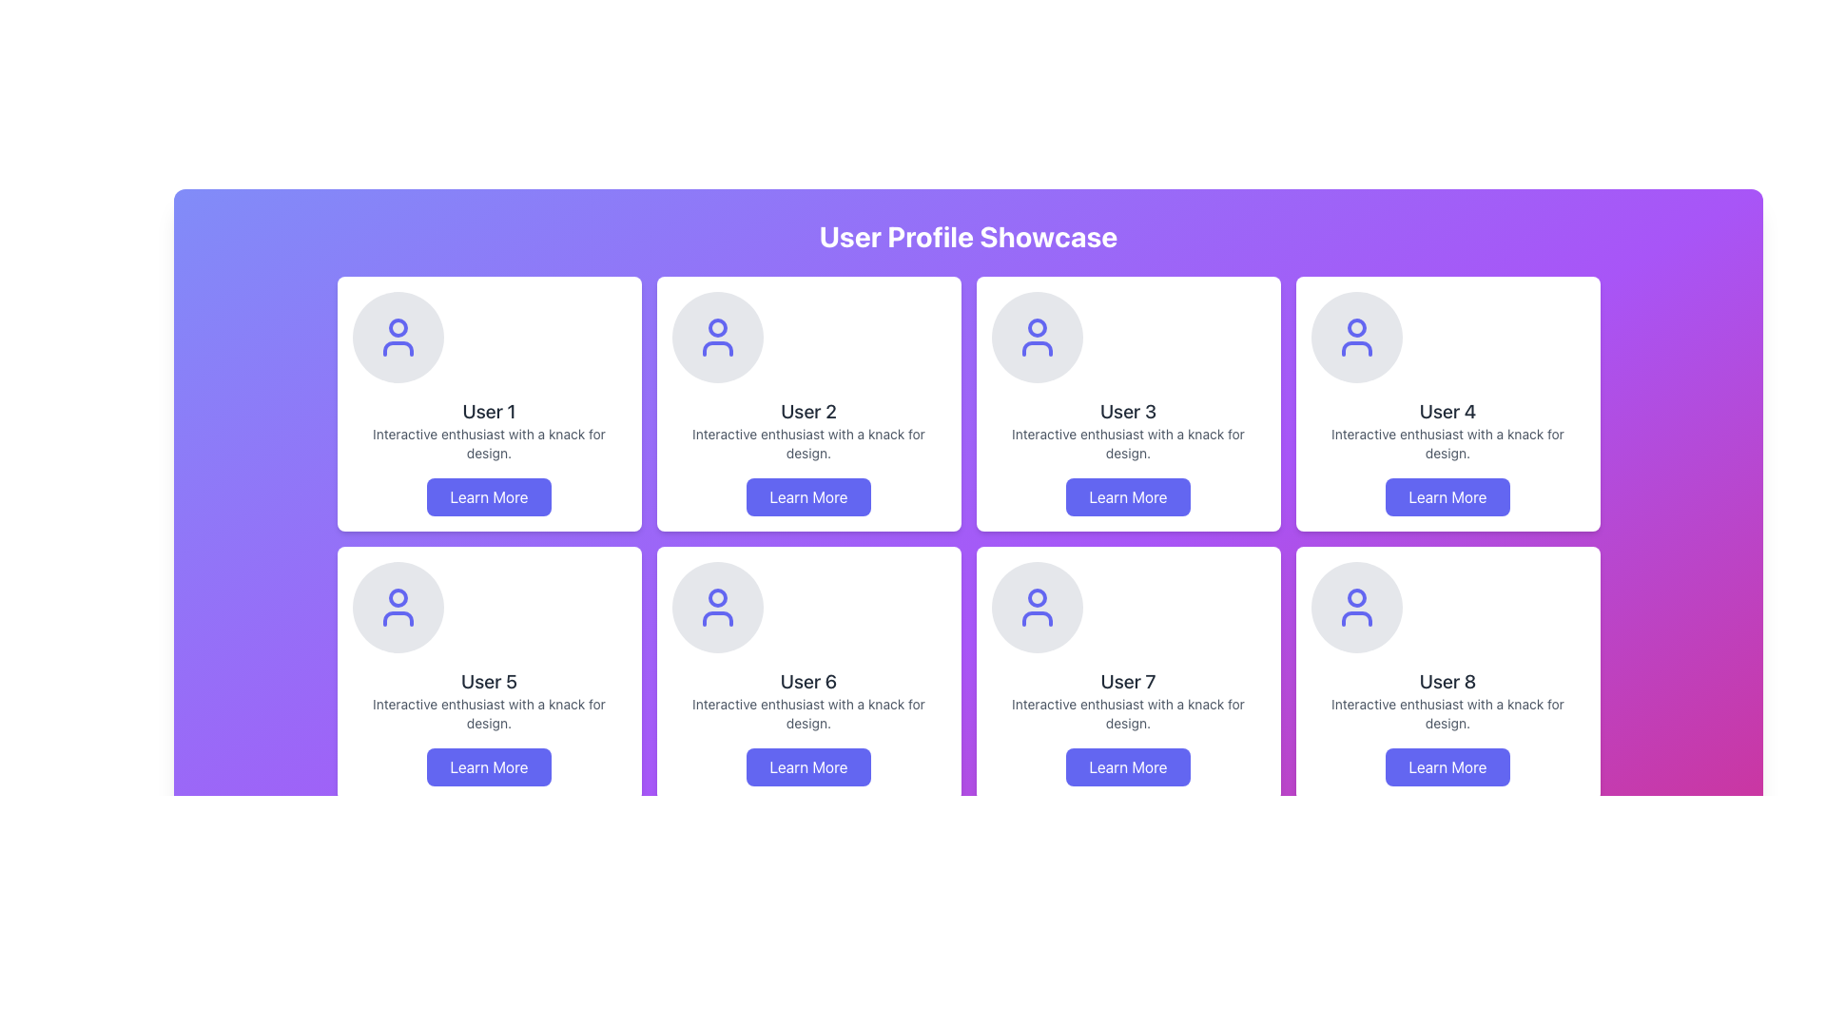  Describe the element at coordinates (716, 336) in the screenshot. I see `the User profile icon for 'User 2', which is positioned in the top-left area of the card, directly above the user's title and description` at that location.